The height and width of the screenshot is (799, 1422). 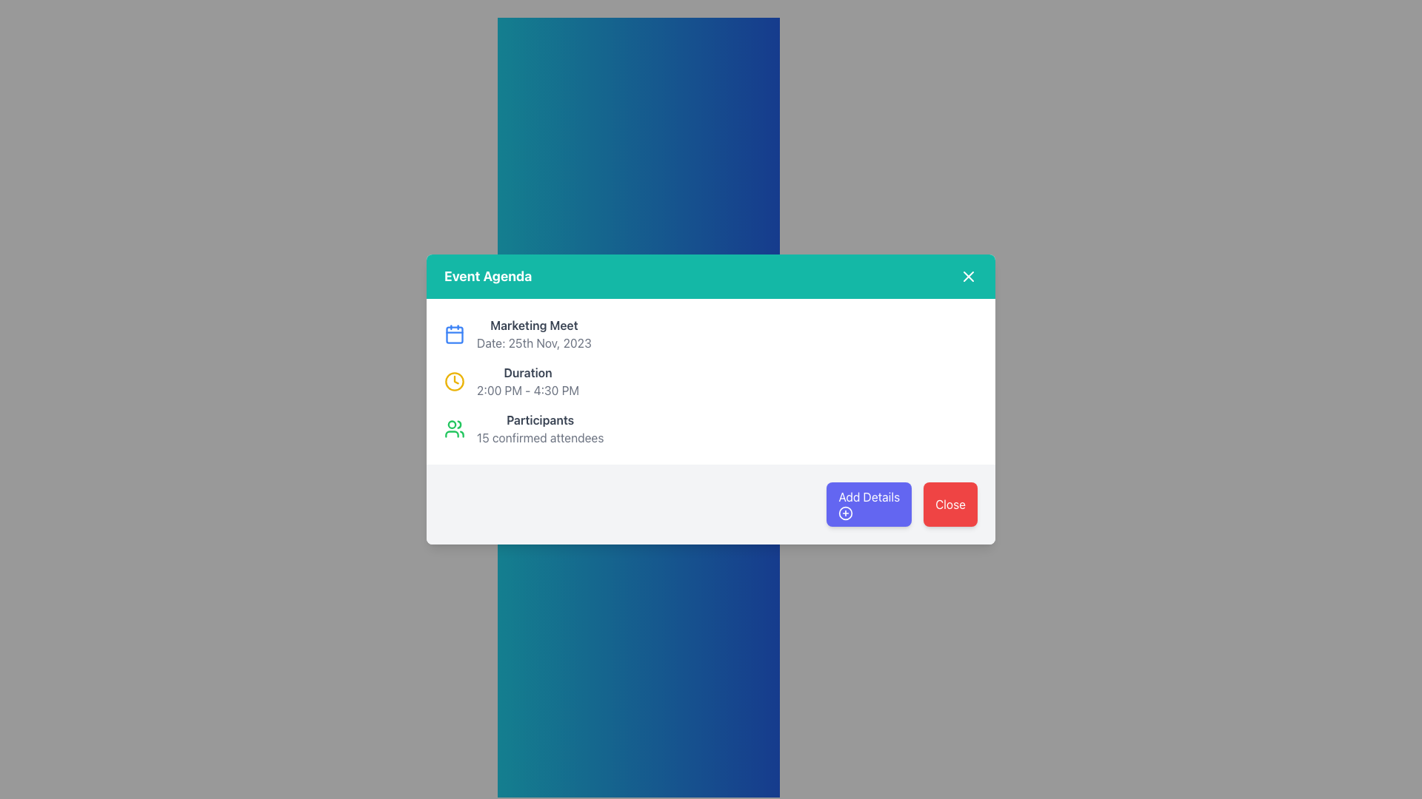 What do you see at coordinates (454, 381) in the screenshot?
I see `the icon indicating the timing or duration of the event, which is located to the left of the text 'Duration 2:00 PM - 4:30 PM' within the 'Event Agenda' dialog box` at bounding box center [454, 381].